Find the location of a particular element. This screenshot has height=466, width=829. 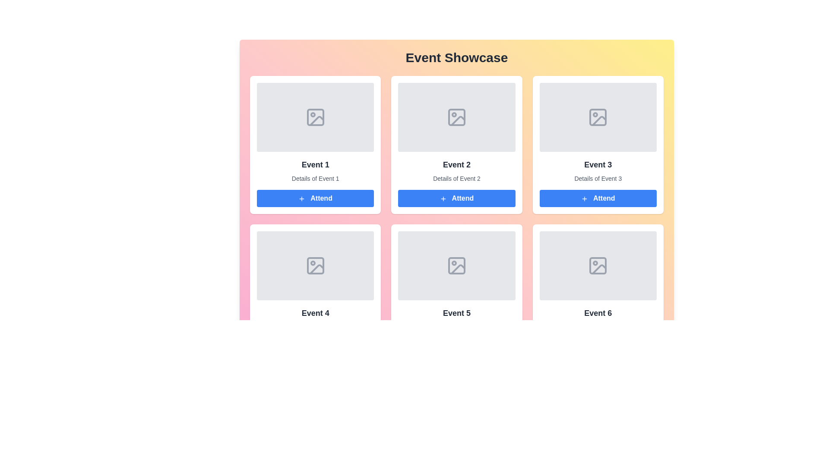

the button located directly beneath the text 'Details of Event 1' within the 'Event 1' card to indicate intention to attend the event is located at coordinates (315, 198).